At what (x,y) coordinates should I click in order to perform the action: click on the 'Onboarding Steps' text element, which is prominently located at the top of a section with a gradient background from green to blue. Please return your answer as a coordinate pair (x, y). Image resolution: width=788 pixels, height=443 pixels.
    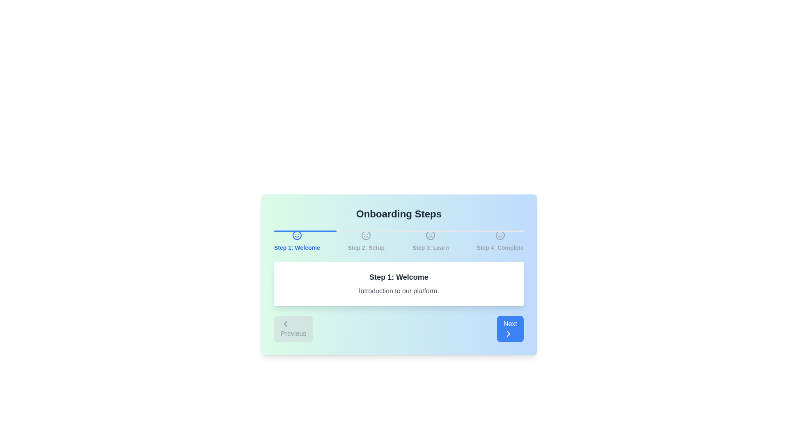
    Looking at the image, I should click on (399, 213).